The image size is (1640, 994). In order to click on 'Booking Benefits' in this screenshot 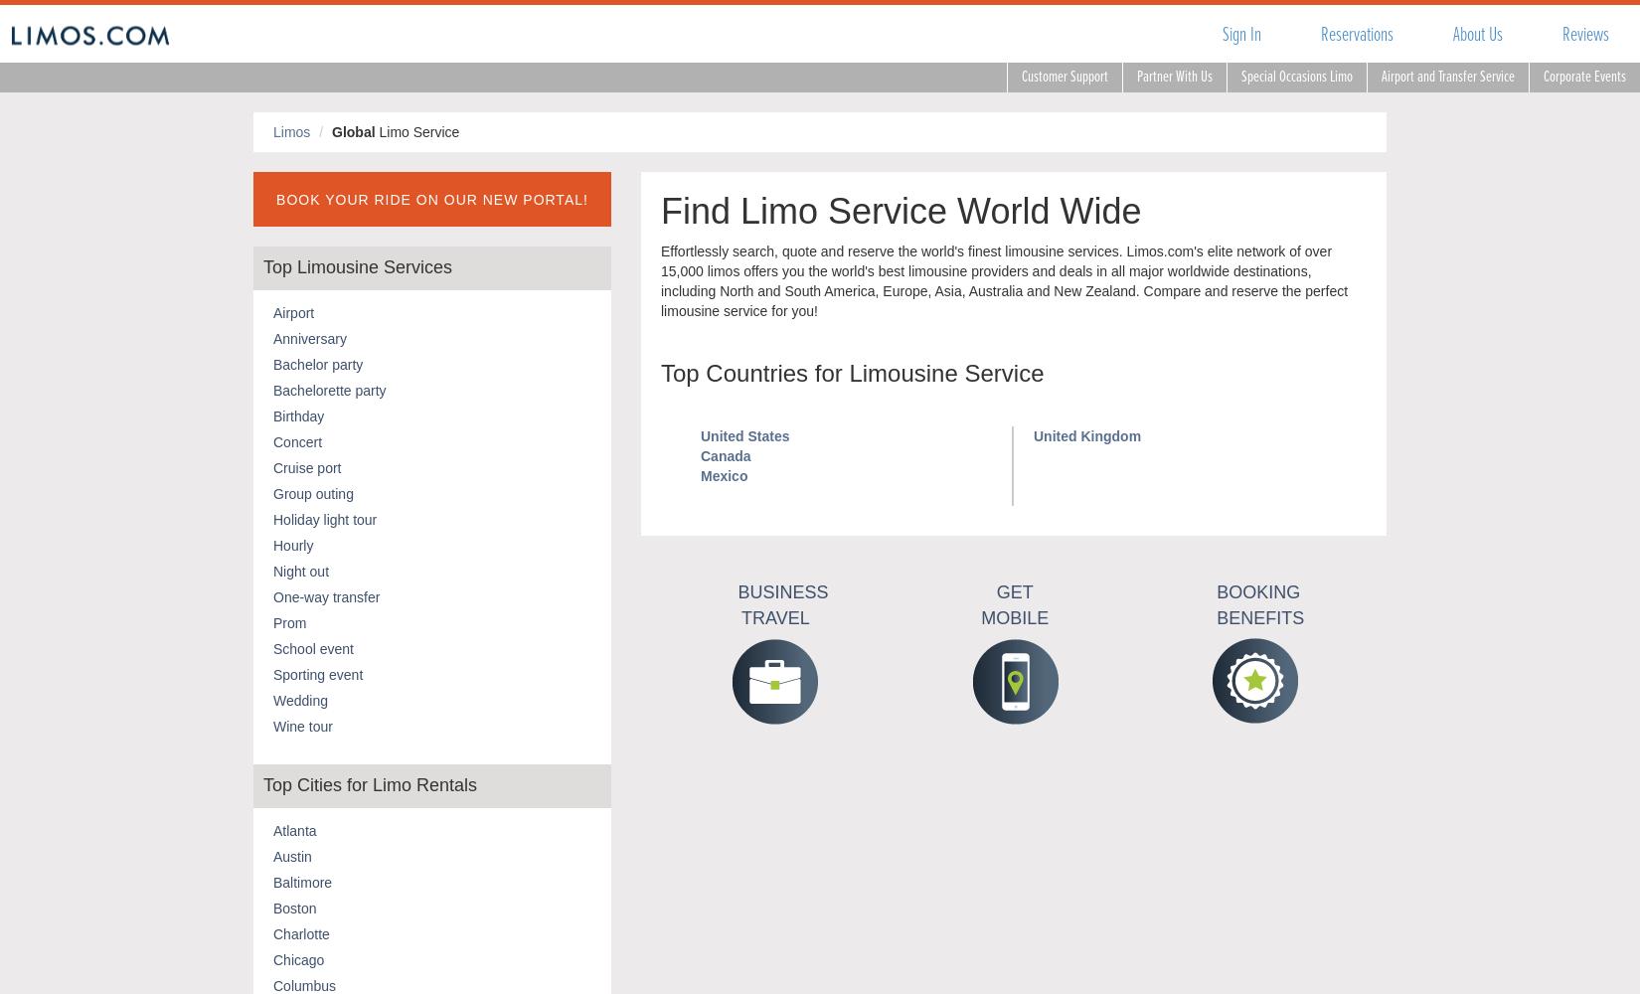, I will do `click(1259, 603)`.